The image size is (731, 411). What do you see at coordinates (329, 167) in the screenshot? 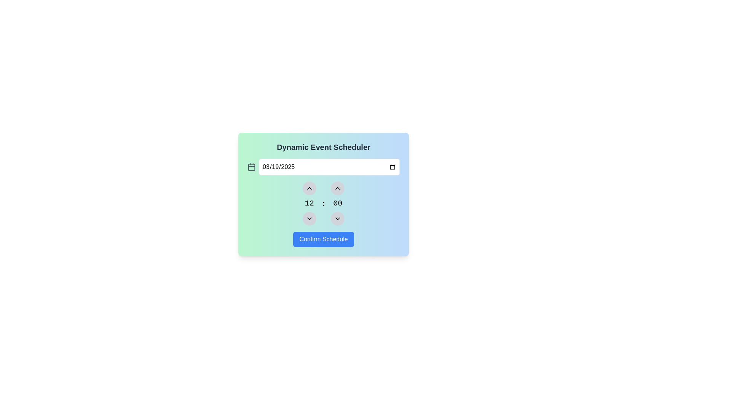
I see `the standard HTML date input field styled with rounded corners and a border` at bounding box center [329, 167].